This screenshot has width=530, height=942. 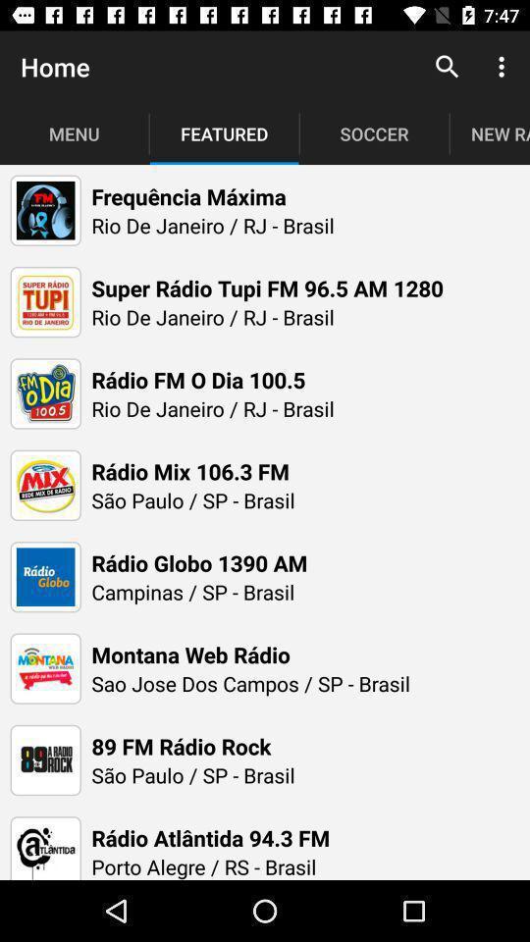 What do you see at coordinates (503, 67) in the screenshot?
I see `icon above the new radios icon` at bounding box center [503, 67].